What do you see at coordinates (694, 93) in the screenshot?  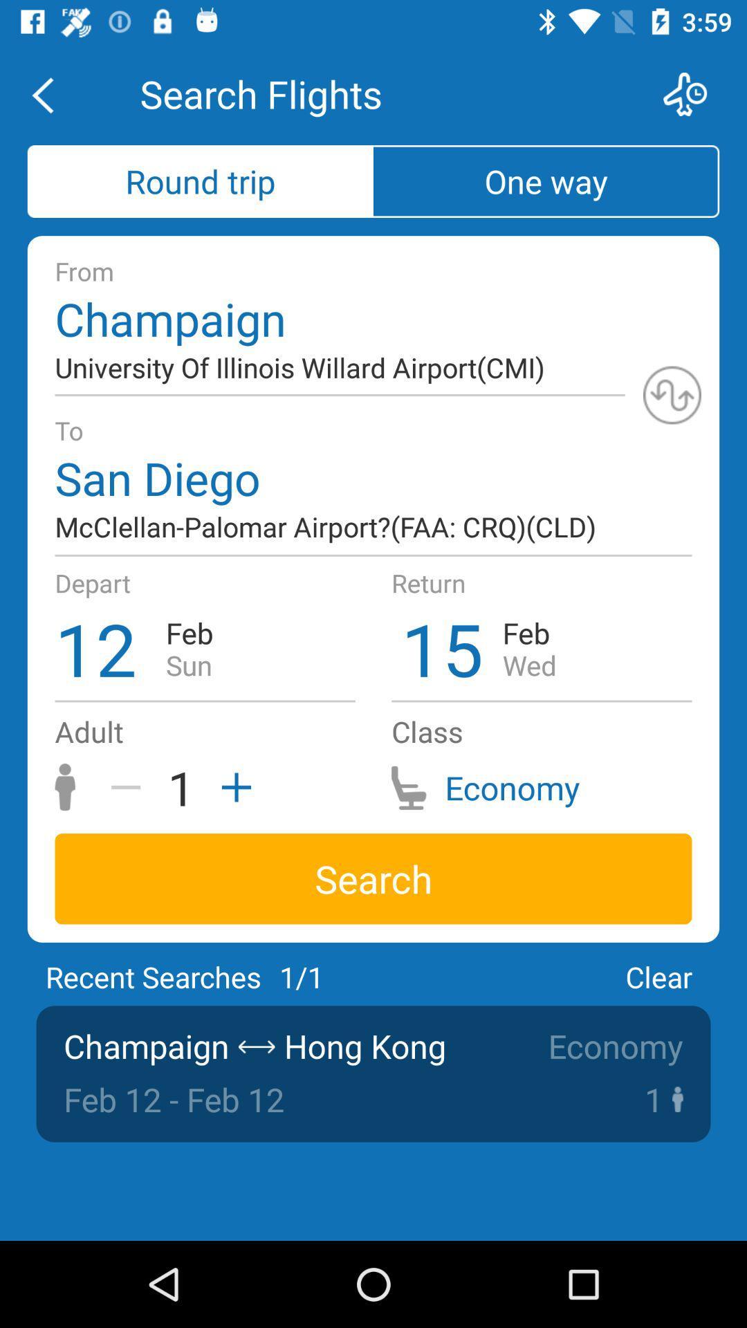 I see `schedule` at bounding box center [694, 93].